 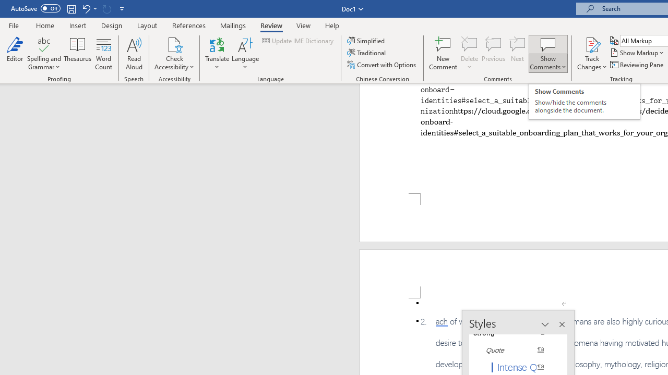 I want to click on 'Track Changes', so click(x=592, y=44).